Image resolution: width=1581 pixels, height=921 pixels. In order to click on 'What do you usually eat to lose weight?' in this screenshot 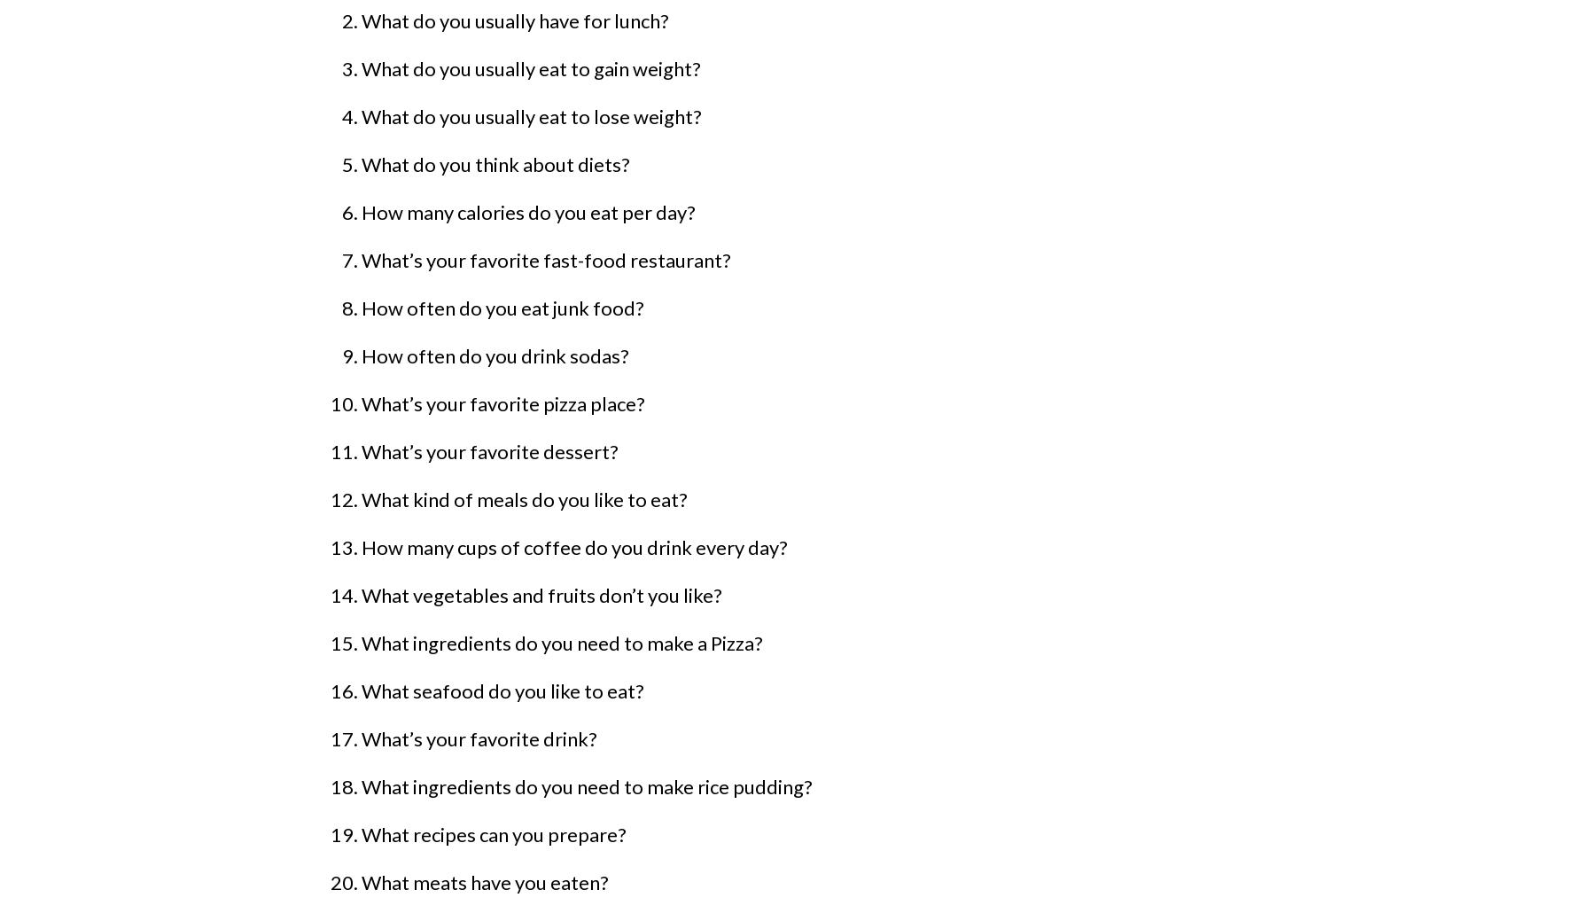, I will do `click(530, 115)`.